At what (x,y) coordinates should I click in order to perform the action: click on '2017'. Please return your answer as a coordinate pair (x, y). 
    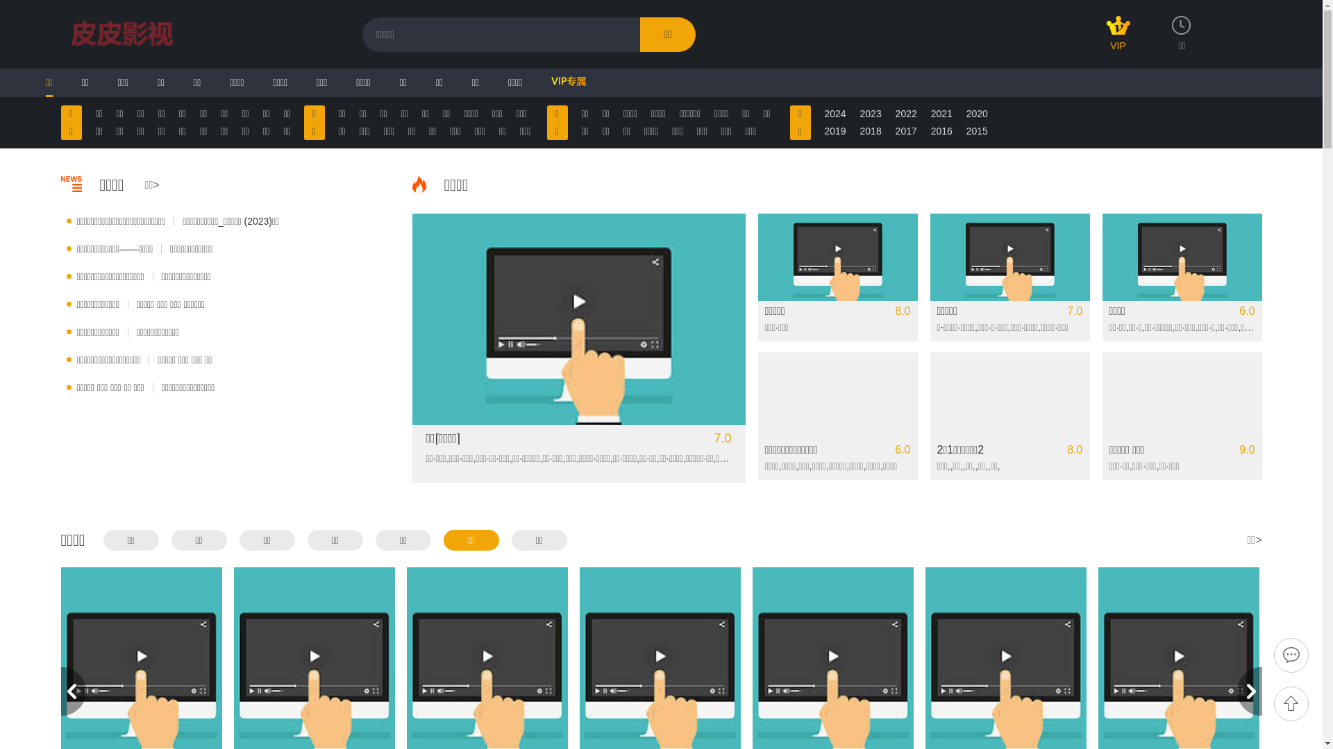
    Looking at the image, I should click on (906, 131).